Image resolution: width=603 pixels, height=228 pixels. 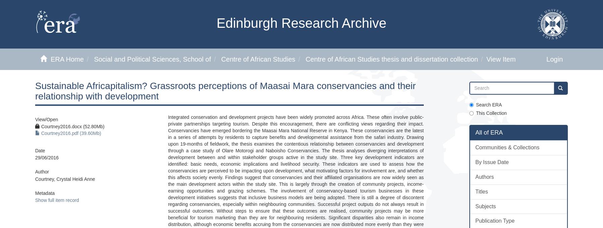 What do you see at coordinates (225, 90) in the screenshot?
I see `'Sustainable Africapitalism? Grassroots perceptions of Maasai Mara conservancies and their relationship with development'` at bounding box center [225, 90].